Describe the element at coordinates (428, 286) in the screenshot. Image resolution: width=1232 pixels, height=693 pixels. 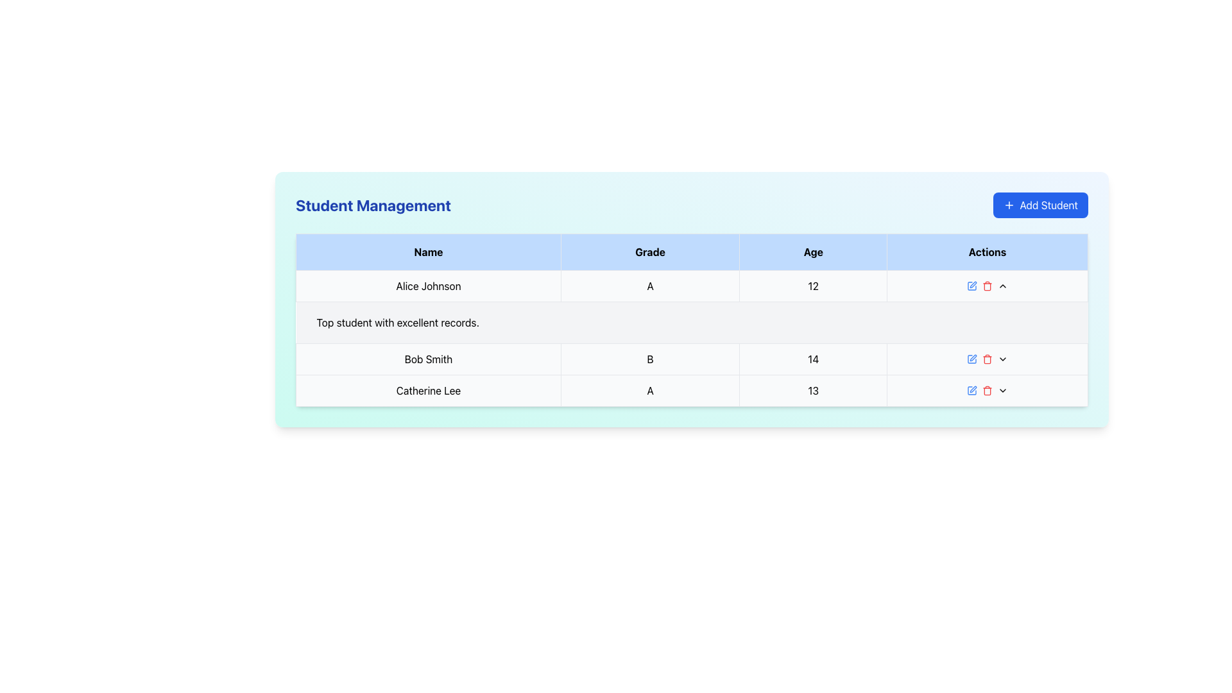
I see `on the text display element that shows the name 'Alice Johnson' in the 'Name' column of the table` at that location.